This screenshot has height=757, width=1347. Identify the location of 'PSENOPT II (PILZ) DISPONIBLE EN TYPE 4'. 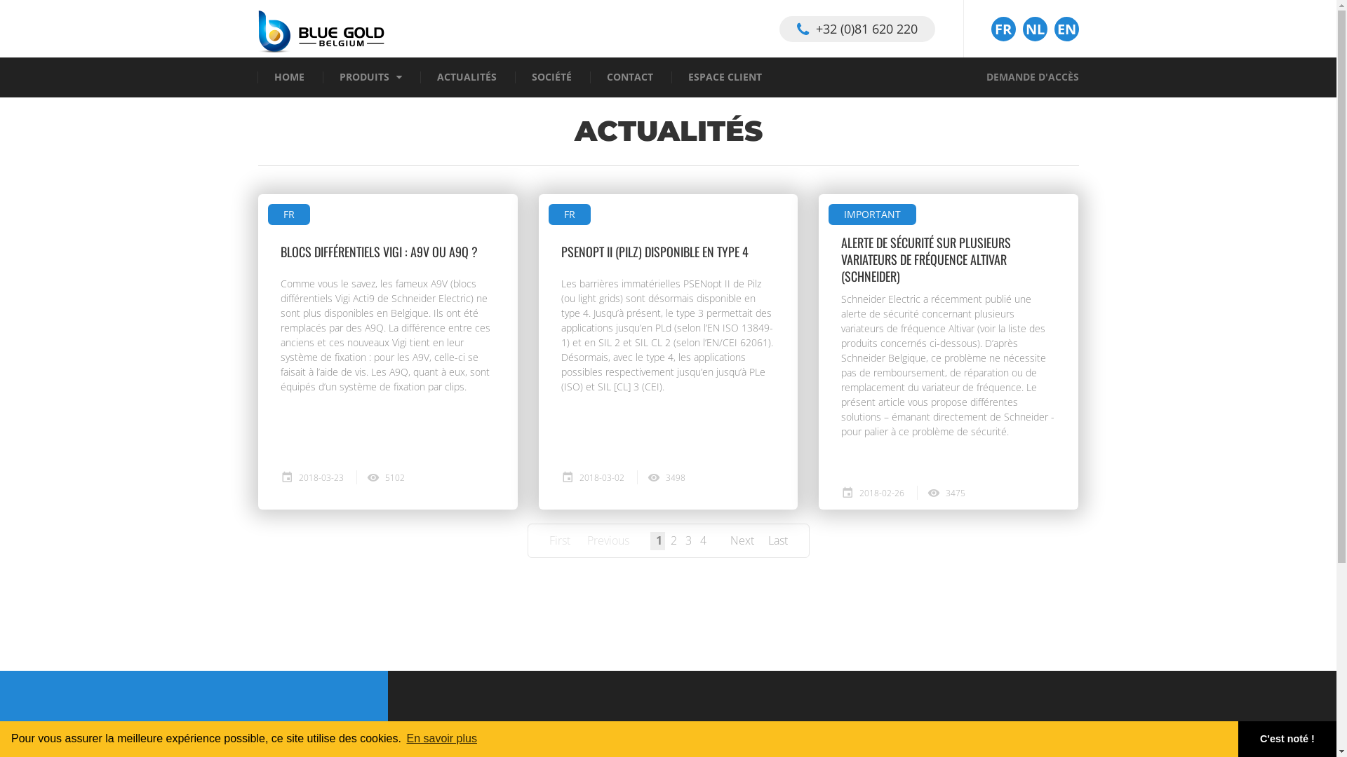
(561, 250).